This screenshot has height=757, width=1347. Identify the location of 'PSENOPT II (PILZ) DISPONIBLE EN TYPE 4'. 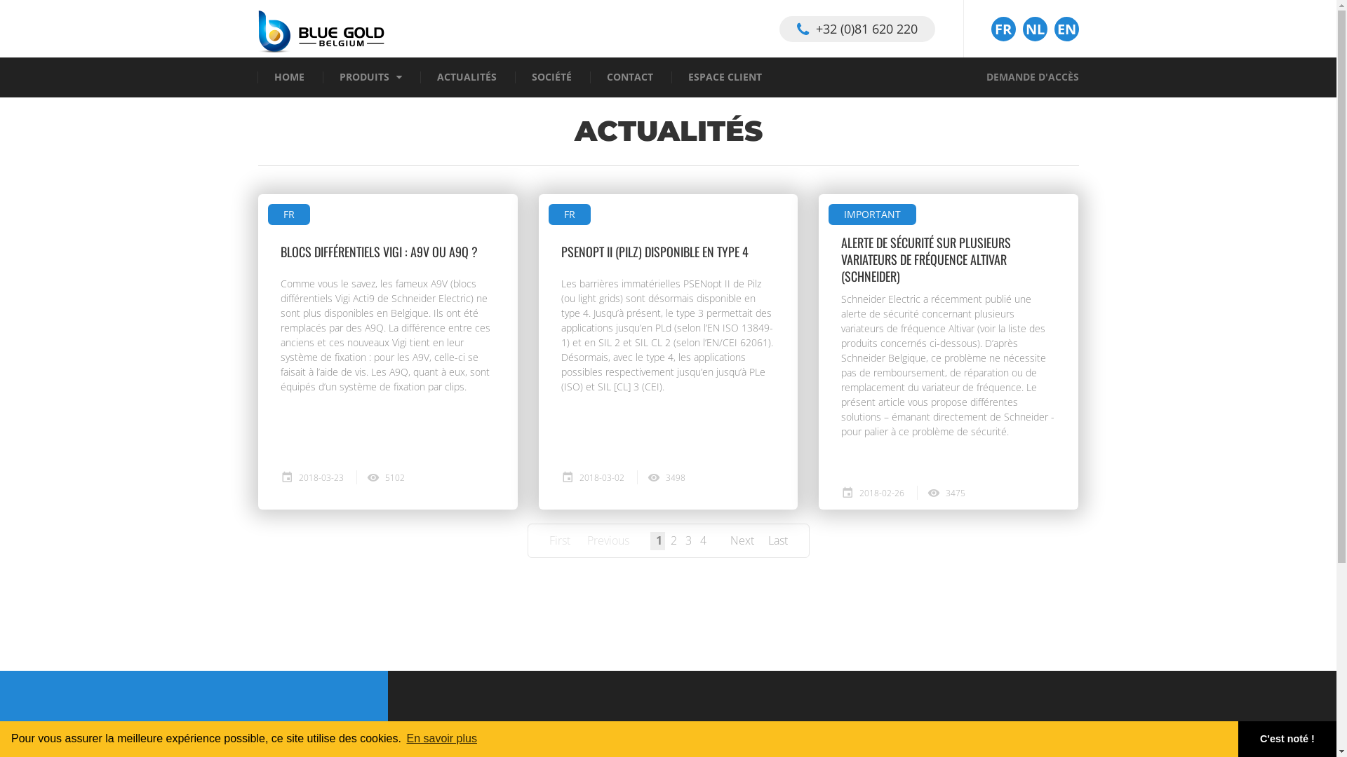
(561, 250).